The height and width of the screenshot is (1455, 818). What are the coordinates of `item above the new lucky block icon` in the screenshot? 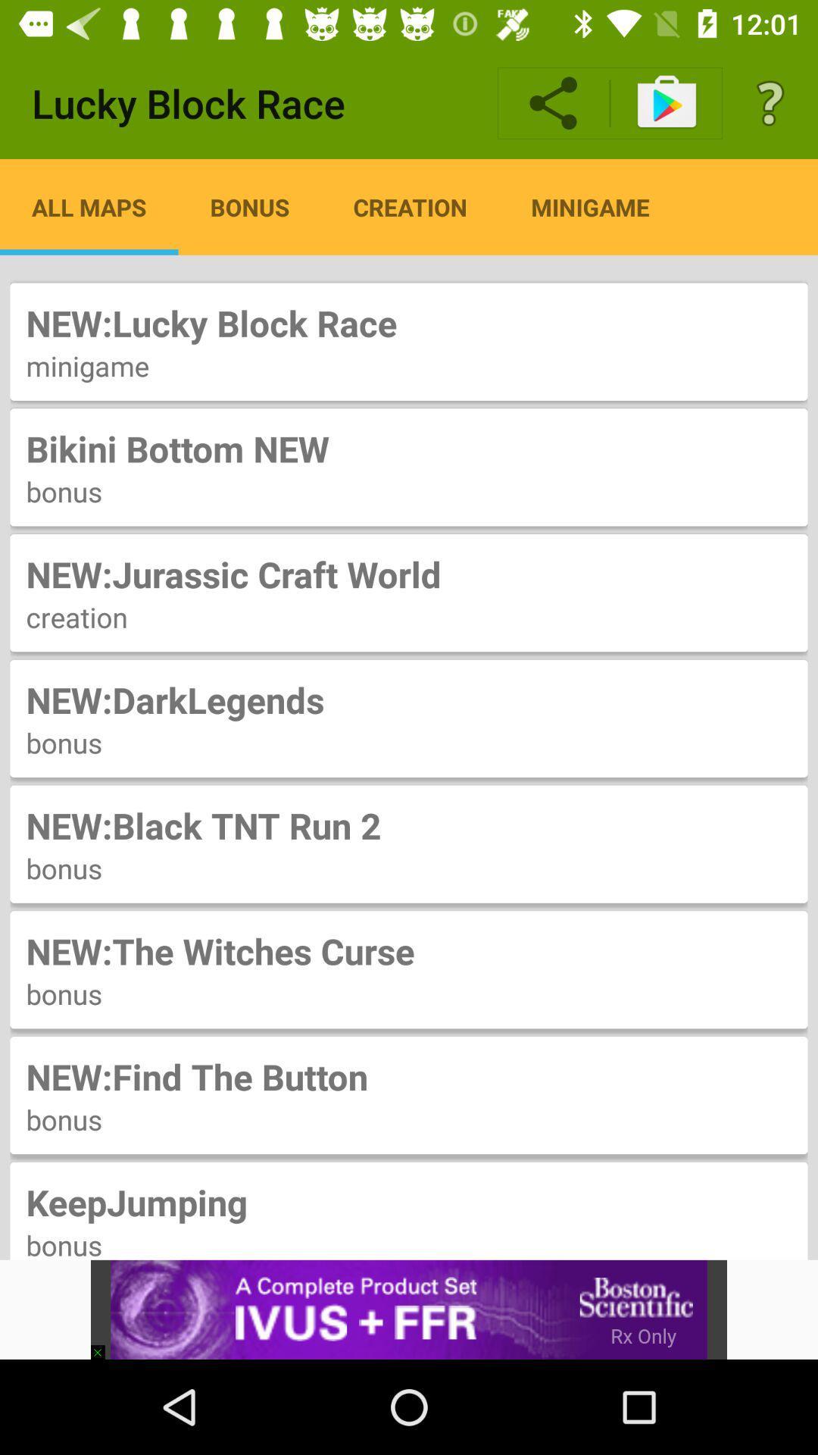 It's located at (89, 206).